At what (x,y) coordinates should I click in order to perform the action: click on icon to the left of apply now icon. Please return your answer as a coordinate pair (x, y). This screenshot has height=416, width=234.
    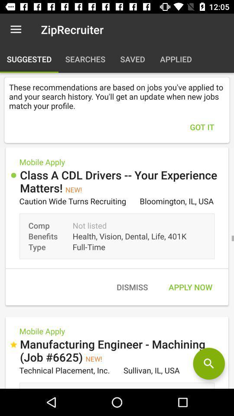
    Looking at the image, I should click on (132, 287).